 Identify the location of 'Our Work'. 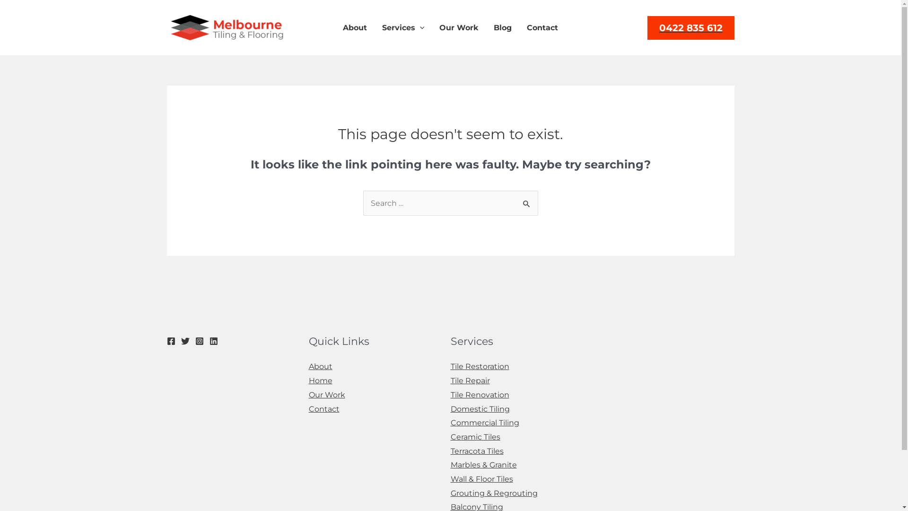
(326, 395).